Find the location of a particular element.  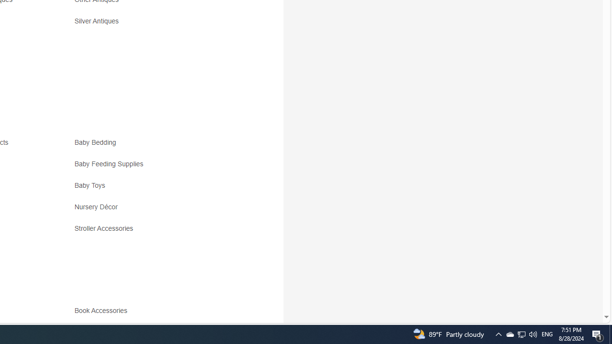

'Book Accessories' is located at coordinates (103, 311).